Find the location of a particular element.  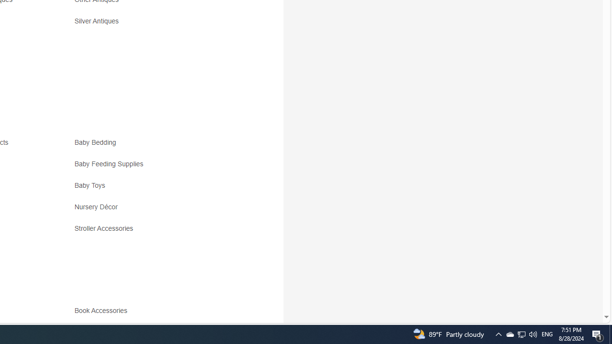

'Book Accessories' is located at coordinates (103, 311).